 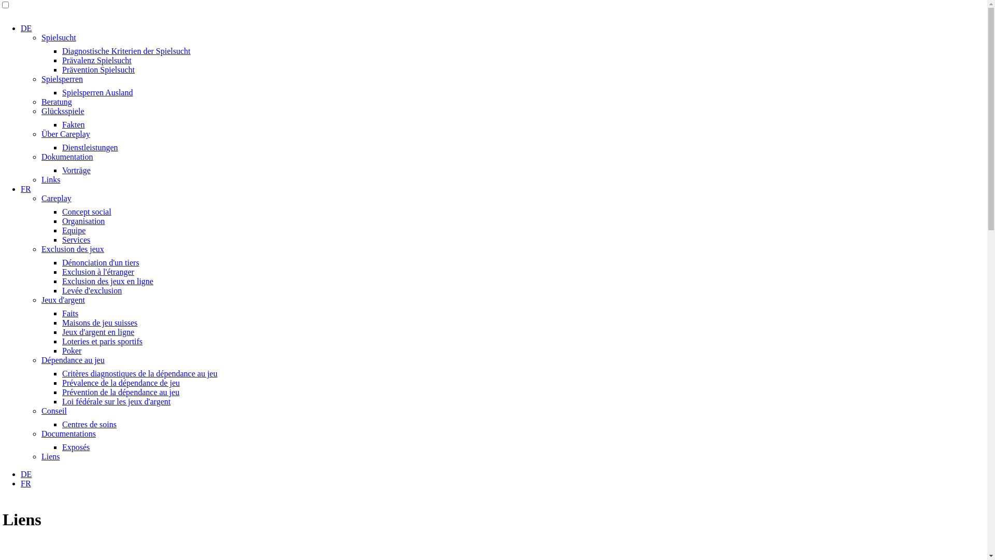 What do you see at coordinates (102, 341) in the screenshot?
I see `'Loteries et paris sportifs'` at bounding box center [102, 341].